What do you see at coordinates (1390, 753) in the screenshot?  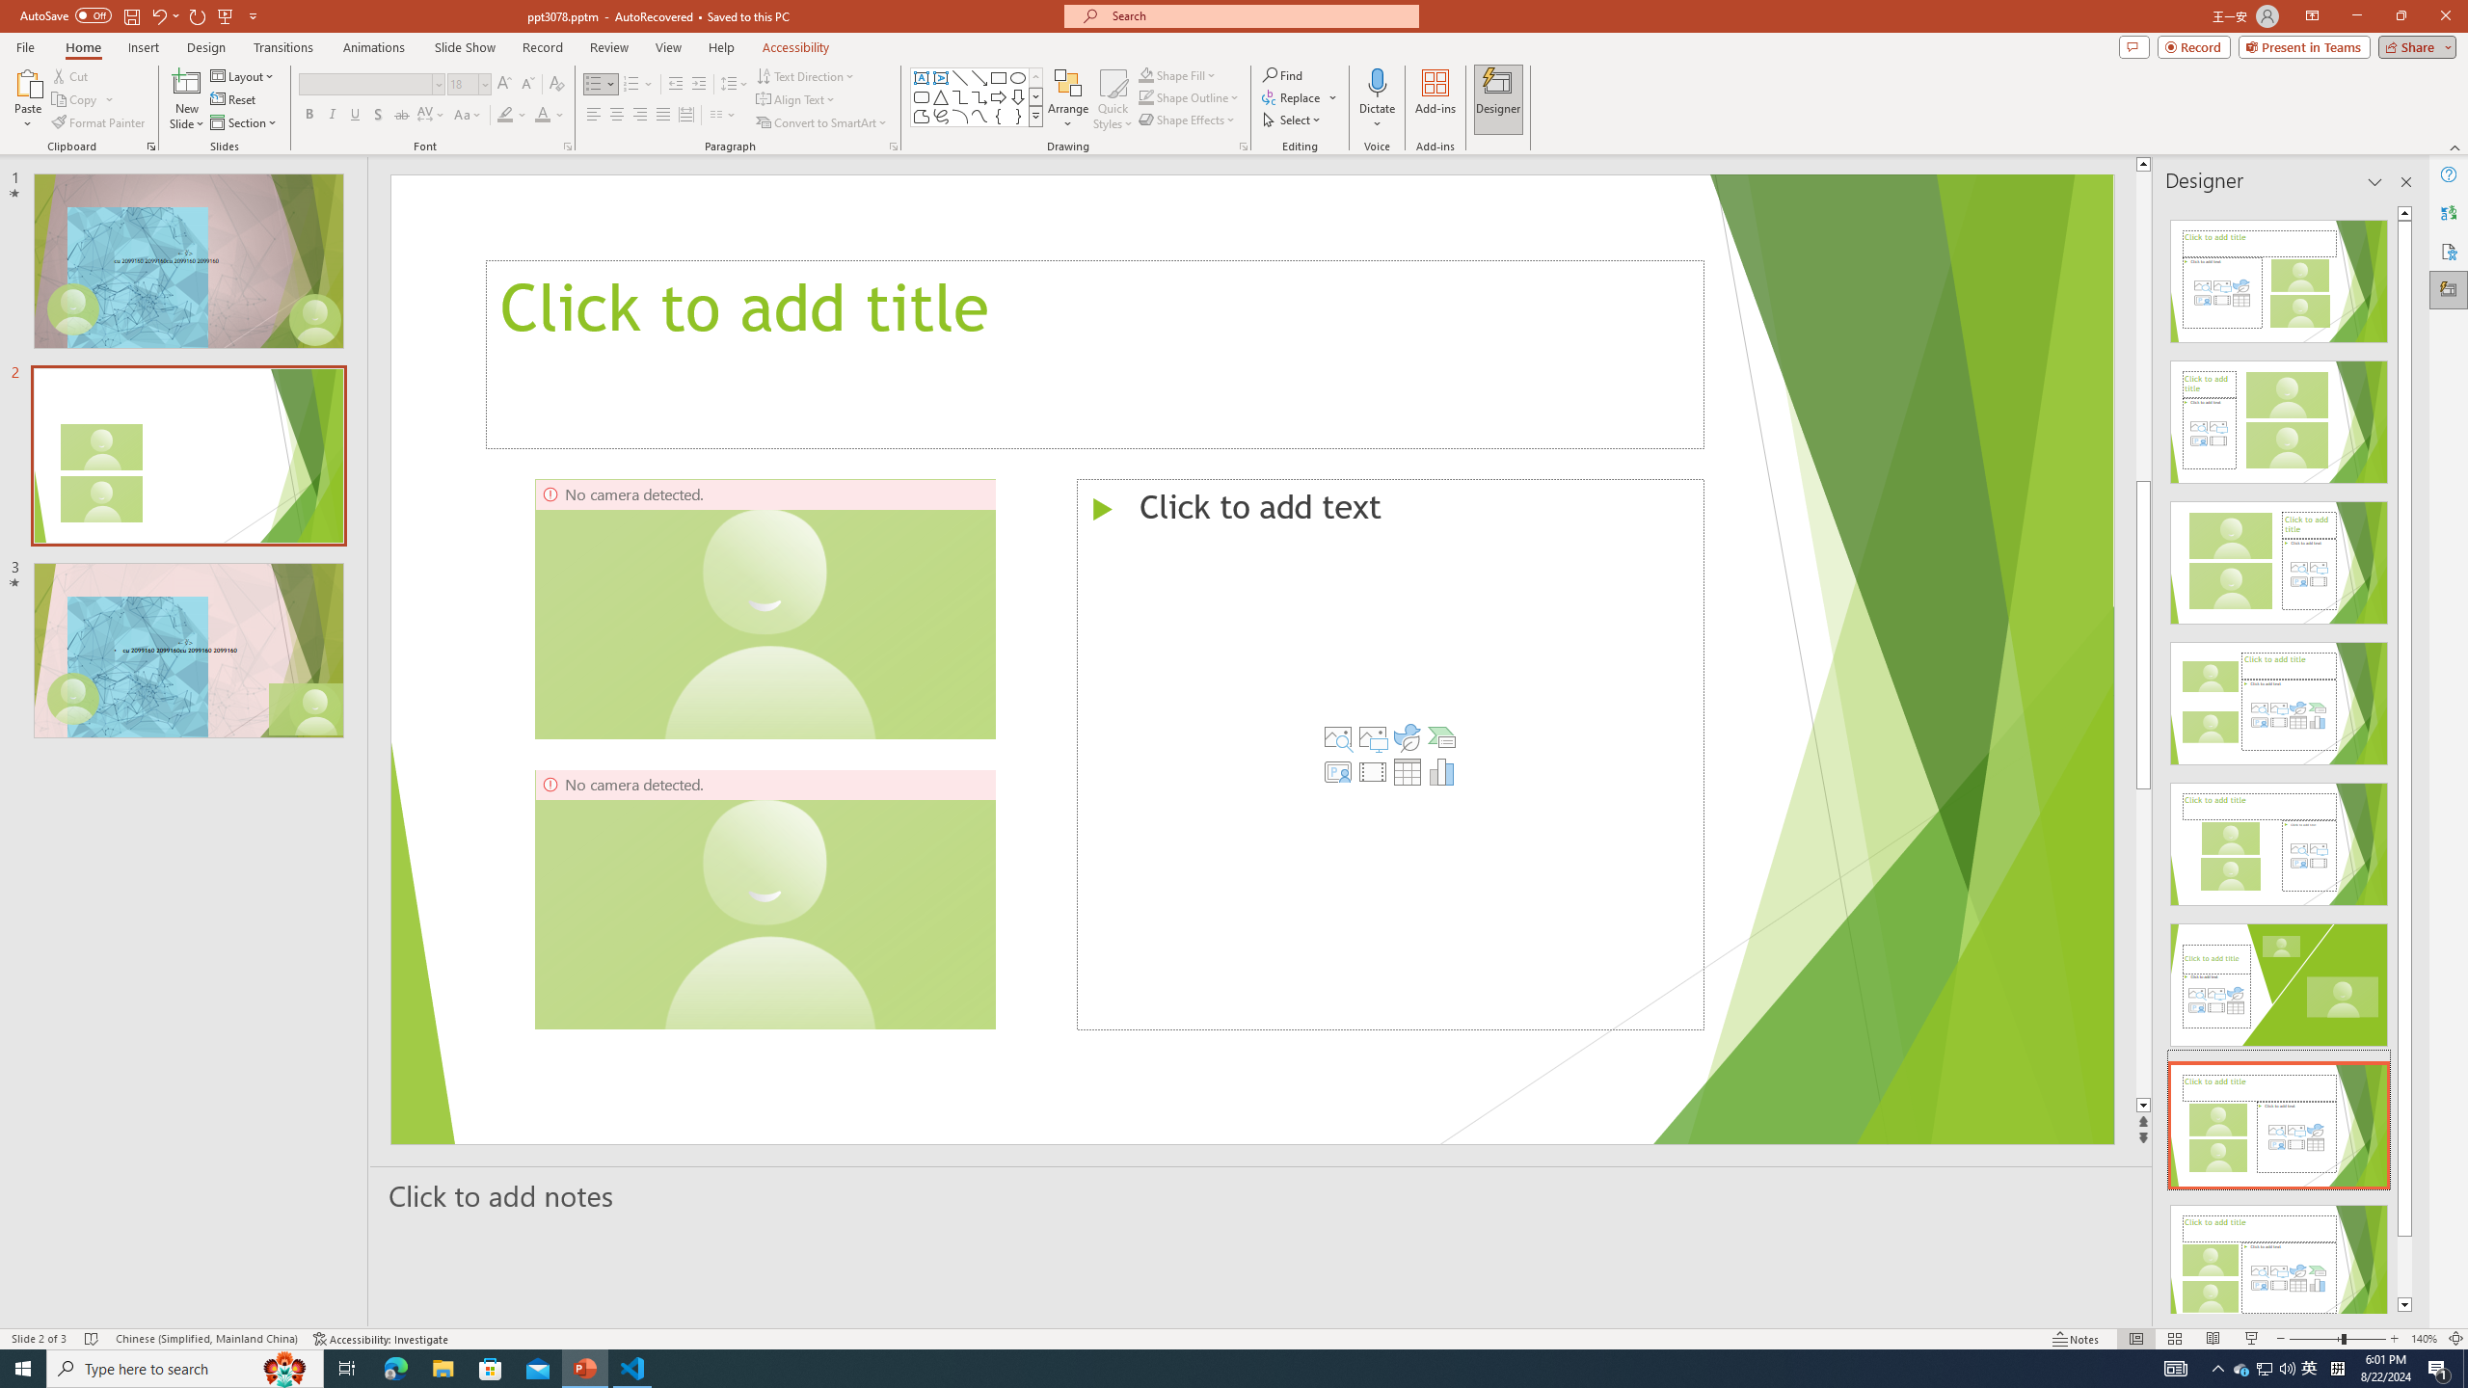 I see `'Content Placeholder'` at bounding box center [1390, 753].